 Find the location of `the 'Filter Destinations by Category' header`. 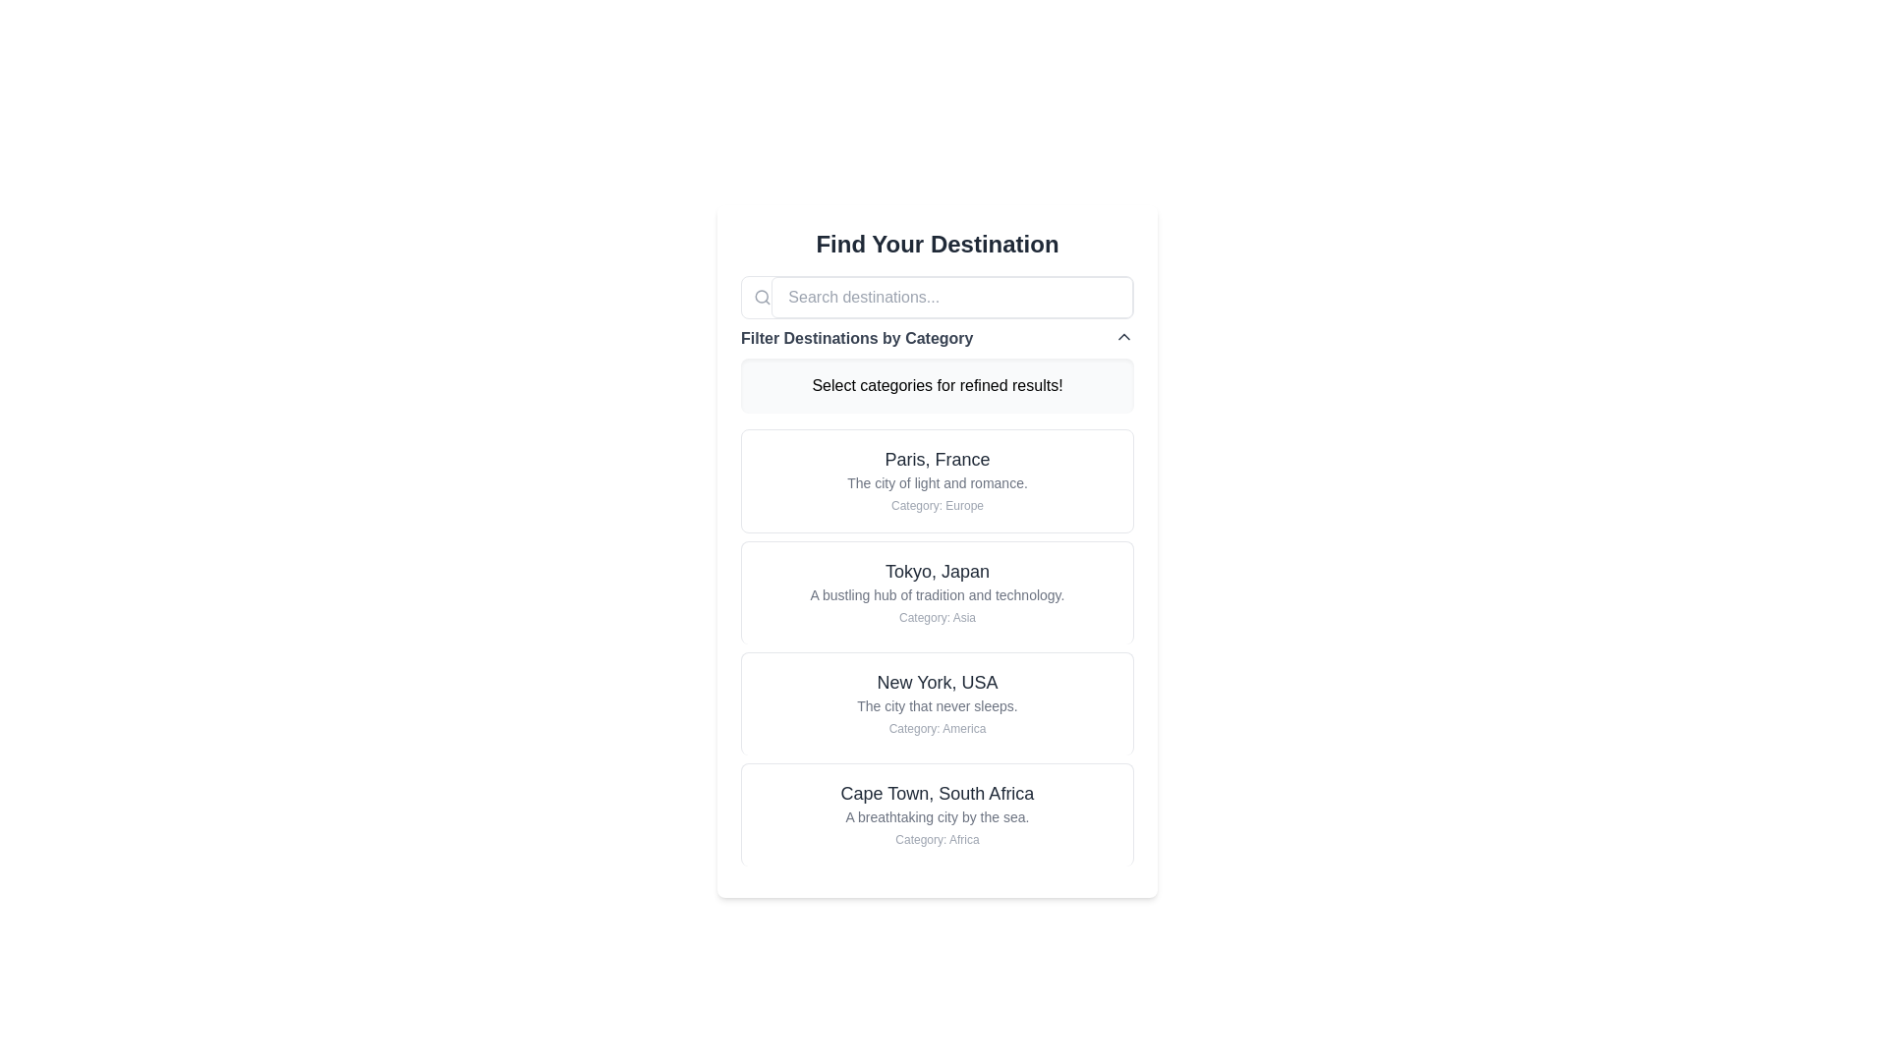

the 'Filter Destinations by Category' header is located at coordinates (937, 337).